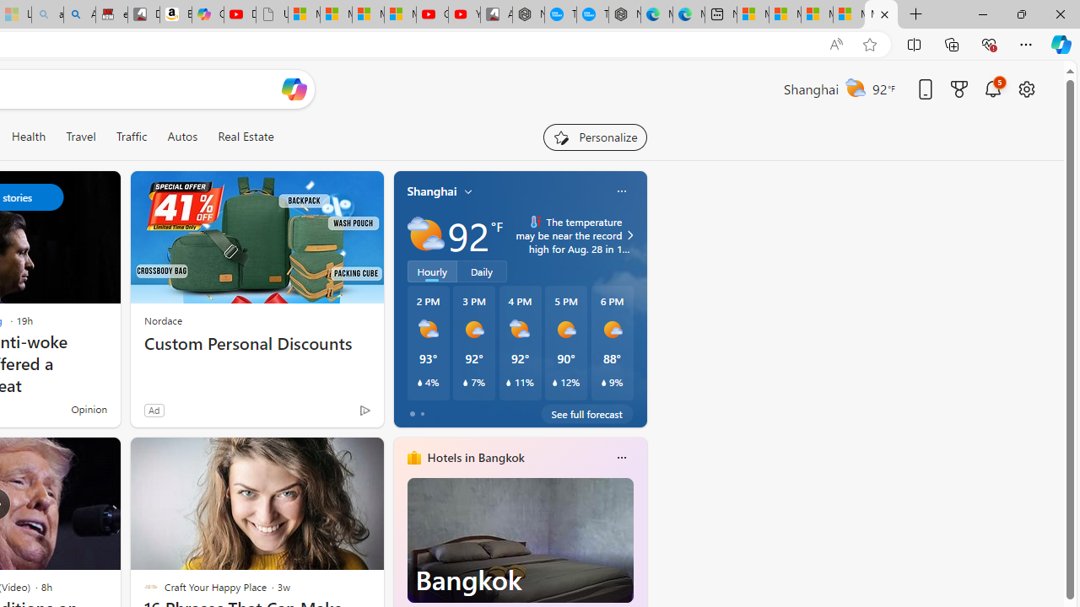 This screenshot has height=607, width=1080. What do you see at coordinates (468, 191) in the screenshot?
I see `'My location'` at bounding box center [468, 191].